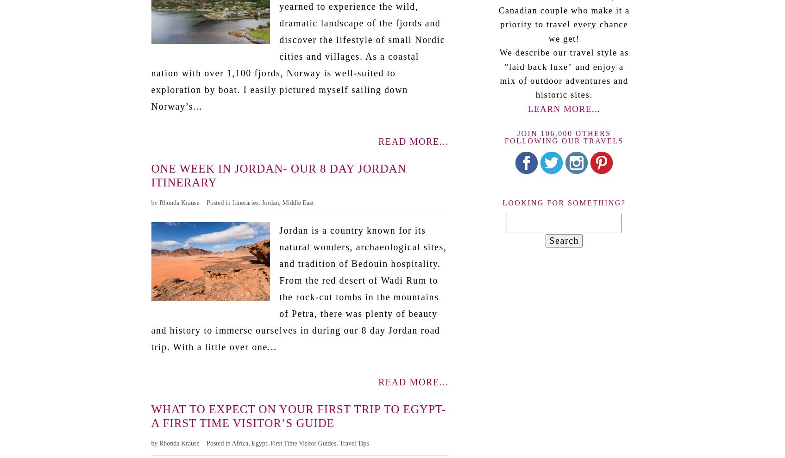 The image size is (785, 458). I want to click on 'Africa', so click(231, 443).